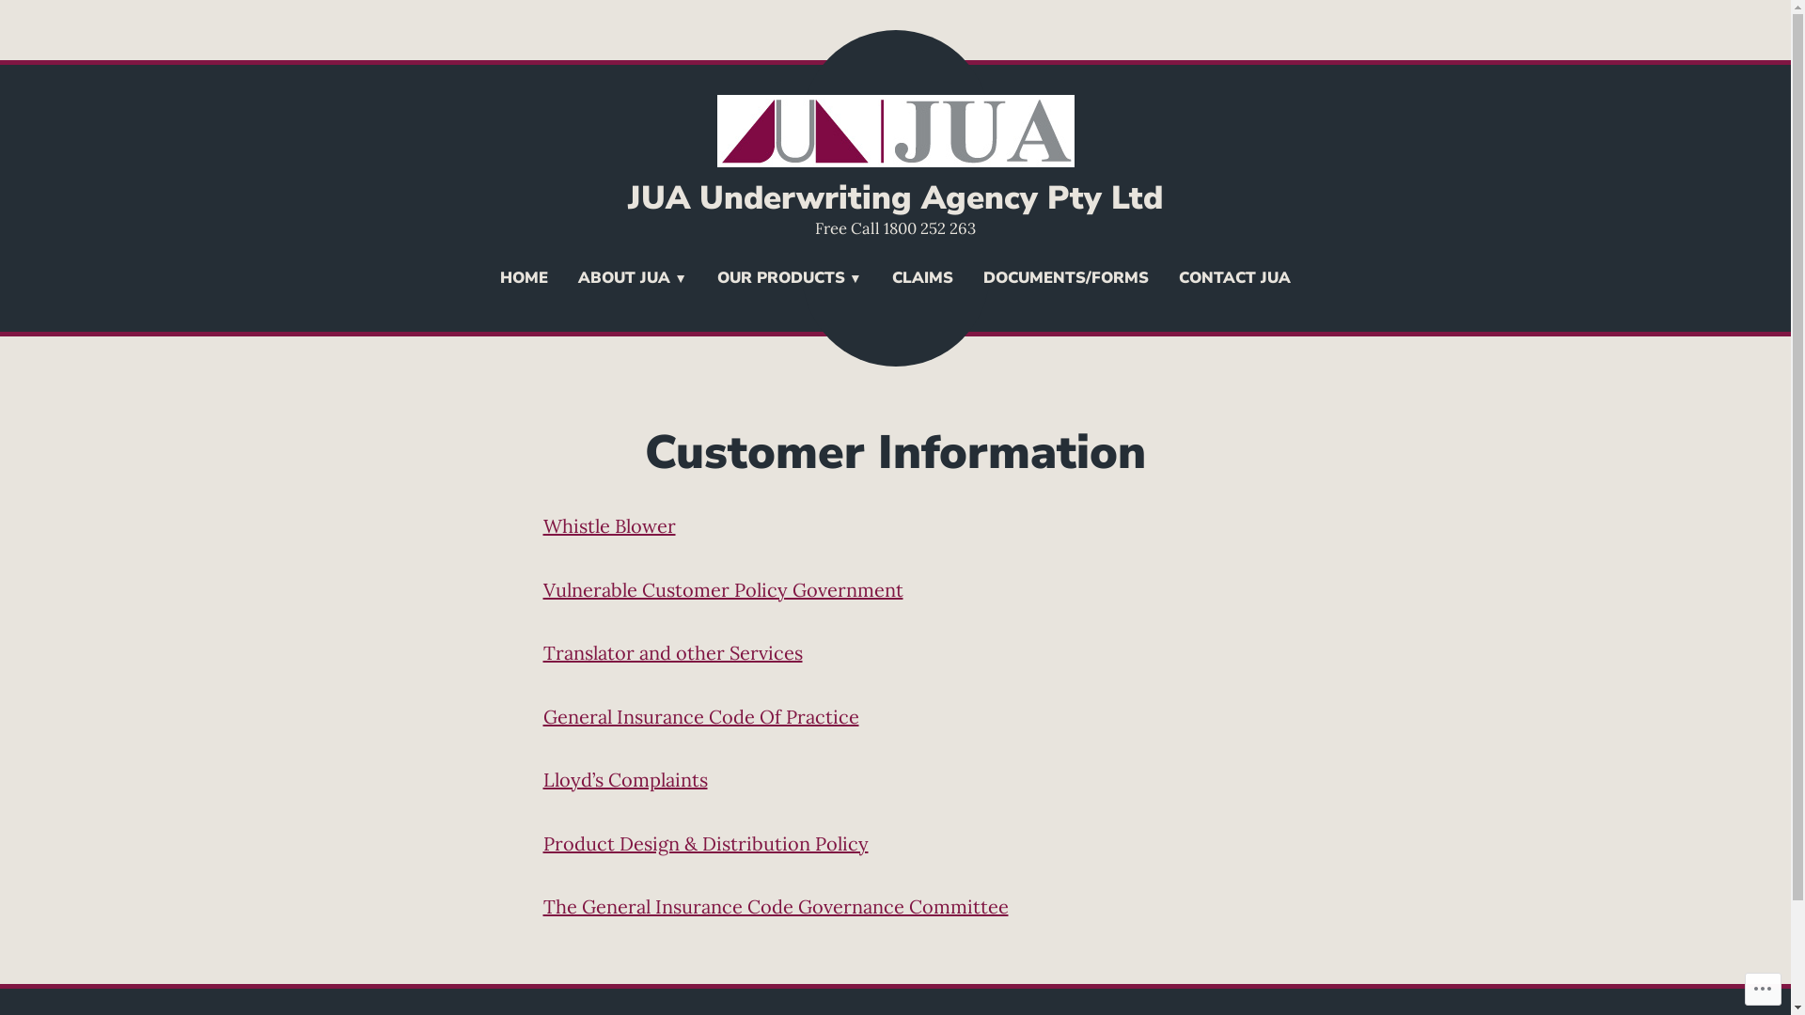 This screenshot has height=1015, width=1805. Describe the element at coordinates (701, 279) in the screenshot. I see `'OUR PRODUCTS'` at that location.